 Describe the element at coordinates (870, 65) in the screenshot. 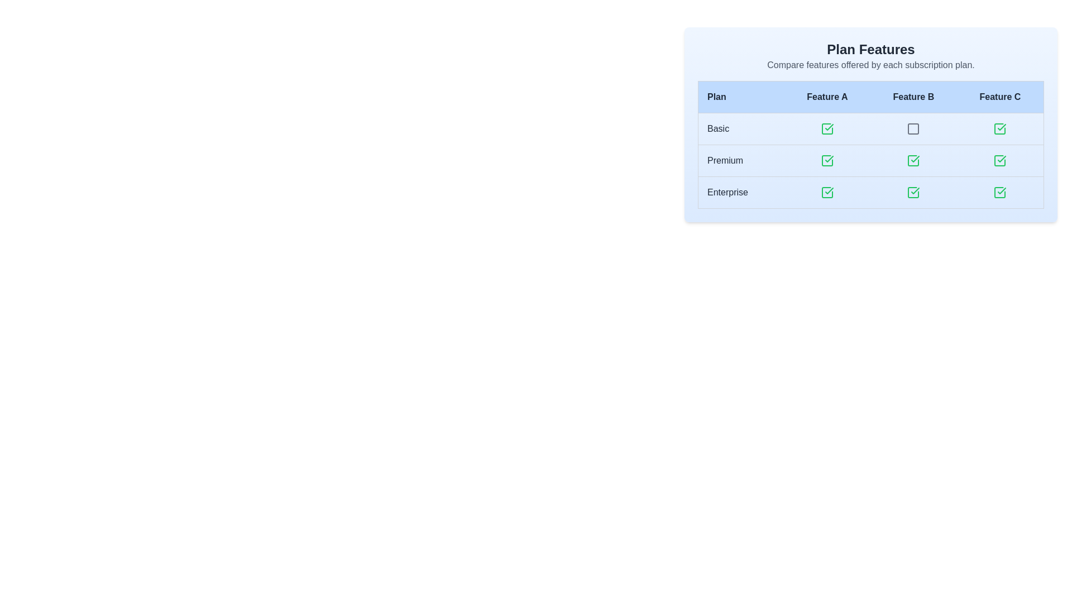

I see `the text displaying 'Compare features offered by each subscription plan.' which is located below the heading 'Plan Features' in the table header` at that location.